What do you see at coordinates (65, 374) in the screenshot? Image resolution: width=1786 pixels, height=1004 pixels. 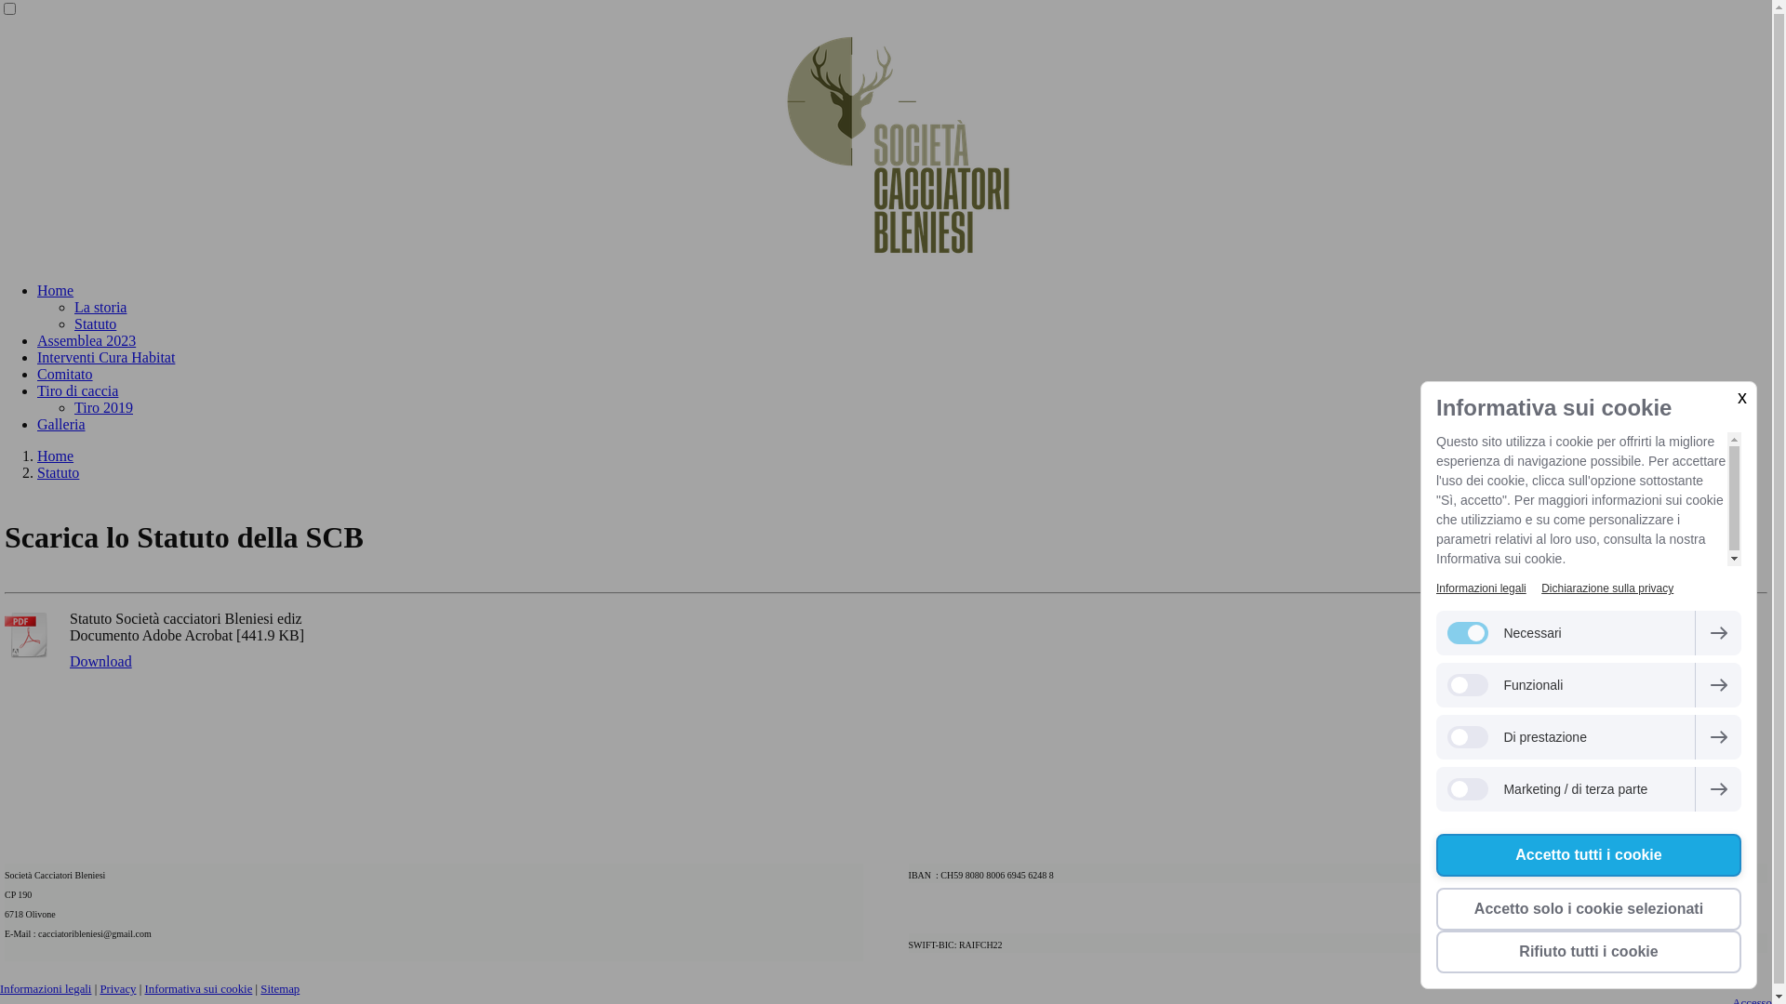 I see `'Comitato'` at bounding box center [65, 374].